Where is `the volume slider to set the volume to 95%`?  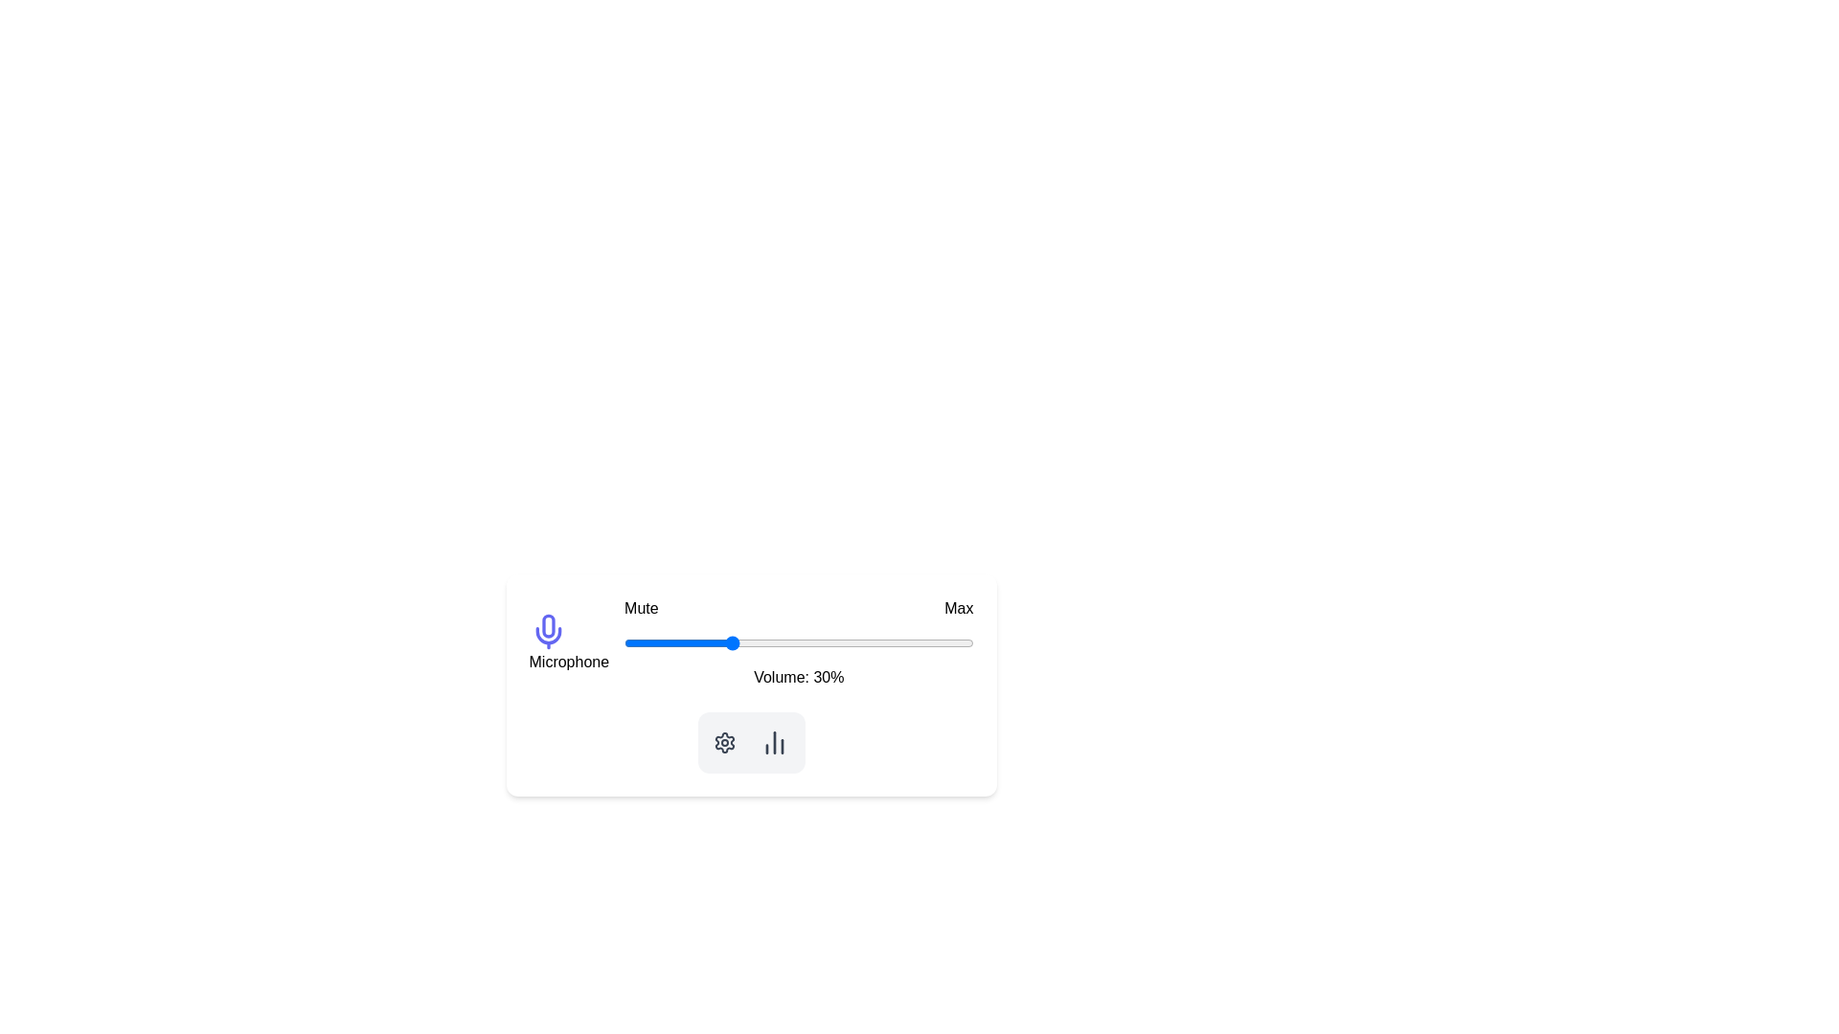
the volume slider to set the volume to 95% is located at coordinates (956, 642).